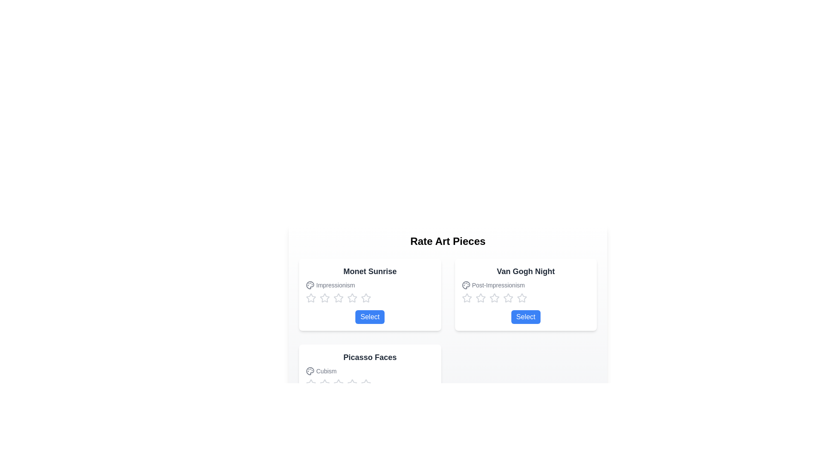 Image resolution: width=825 pixels, height=464 pixels. I want to click on the static text label displaying 'Van Gogh Night', which is styled in a large, bold typeface in dark gray against a white background, located near the top-center of the card, so click(525, 272).